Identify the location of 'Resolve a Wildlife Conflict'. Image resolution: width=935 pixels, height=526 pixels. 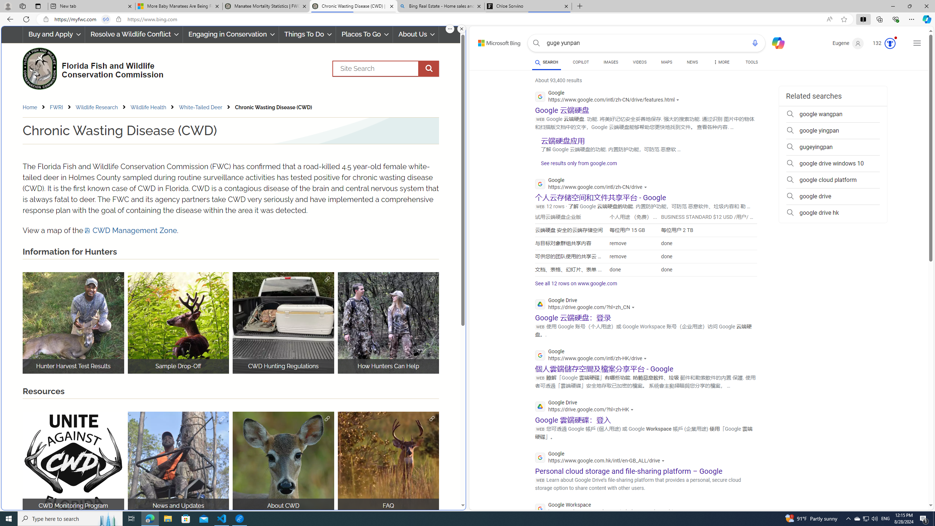
(134, 34).